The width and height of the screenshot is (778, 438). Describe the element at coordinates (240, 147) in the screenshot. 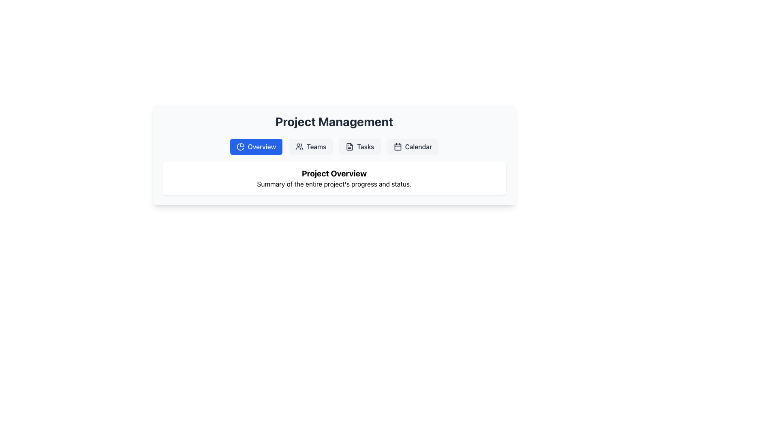

I see `the Overview icon located at the top-left segment of the blue-colored Overview button` at that location.